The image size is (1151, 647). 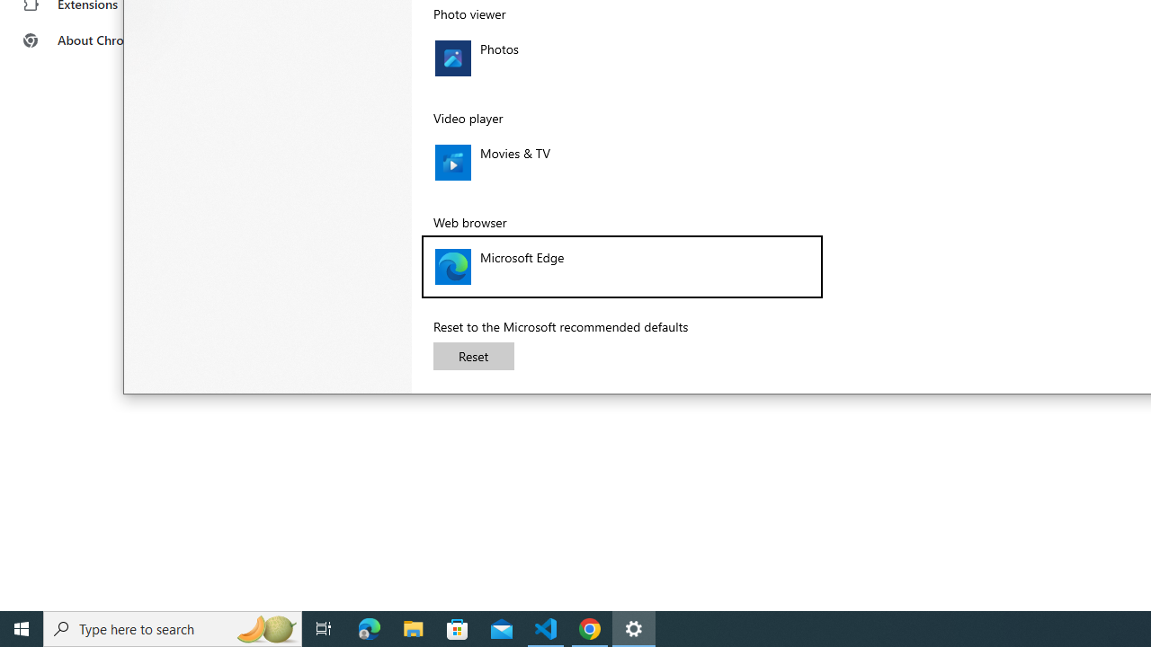 What do you see at coordinates (474, 356) in the screenshot?
I see `'Reset'` at bounding box center [474, 356].